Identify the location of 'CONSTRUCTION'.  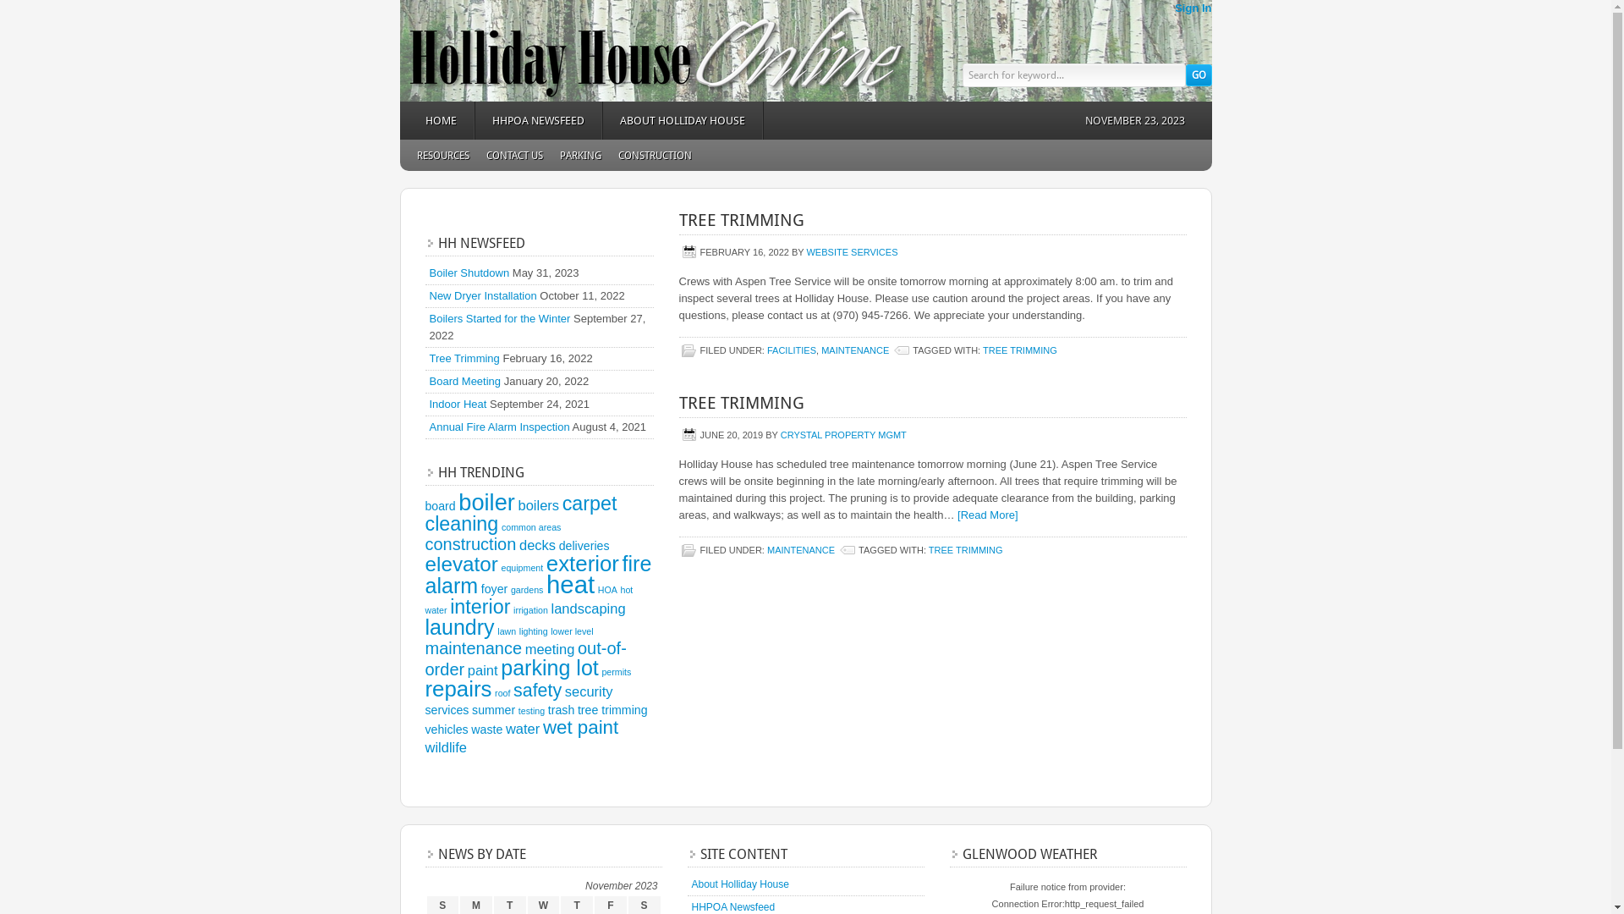
(653, 155).